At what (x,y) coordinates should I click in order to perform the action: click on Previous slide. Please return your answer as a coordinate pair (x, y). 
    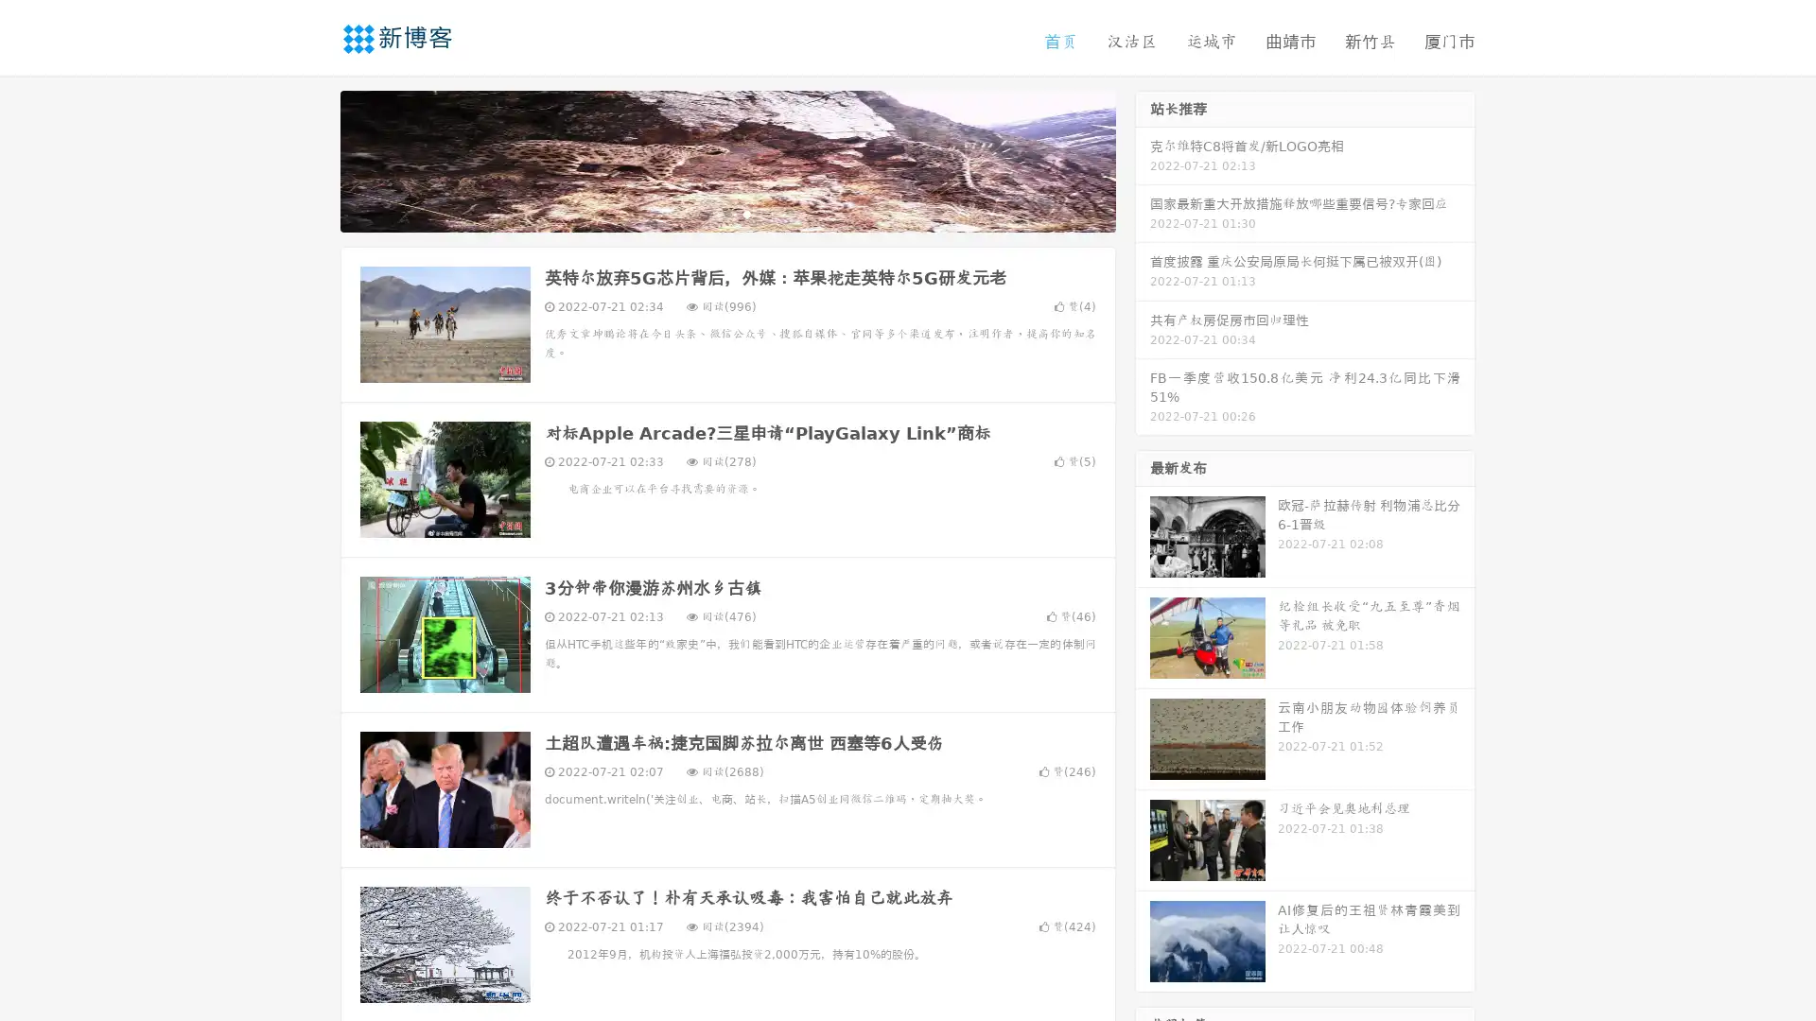
    Looking at the image, I should click on (312, 159).